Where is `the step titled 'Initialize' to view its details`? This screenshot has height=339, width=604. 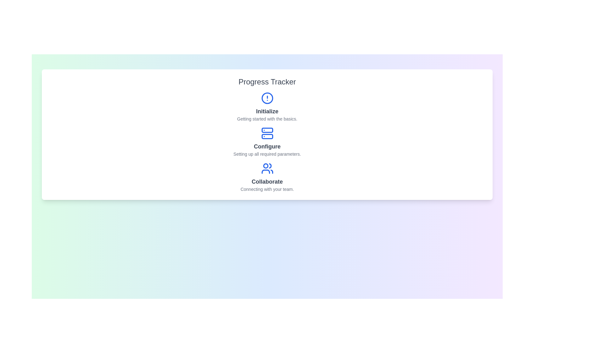
the step titled 'Initialize' to view its details is located at coordinates (267, 106).